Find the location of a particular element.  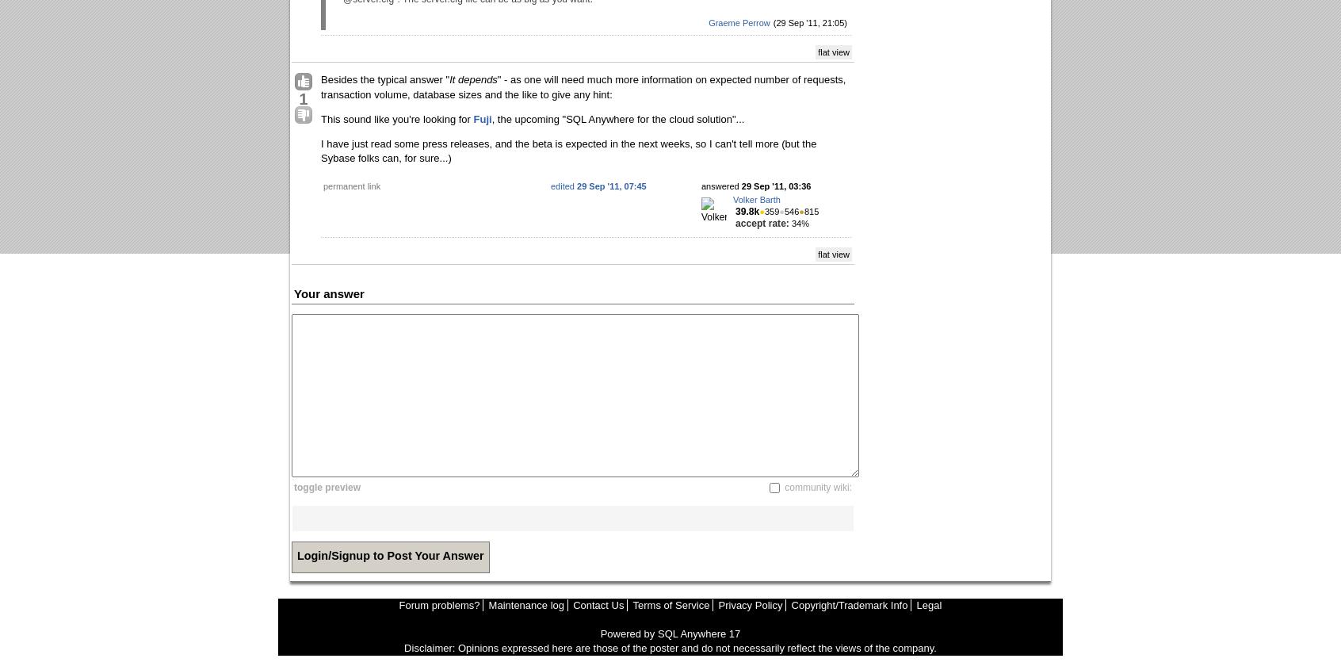

'Terms of Service' is located at coordinates (670, 604).